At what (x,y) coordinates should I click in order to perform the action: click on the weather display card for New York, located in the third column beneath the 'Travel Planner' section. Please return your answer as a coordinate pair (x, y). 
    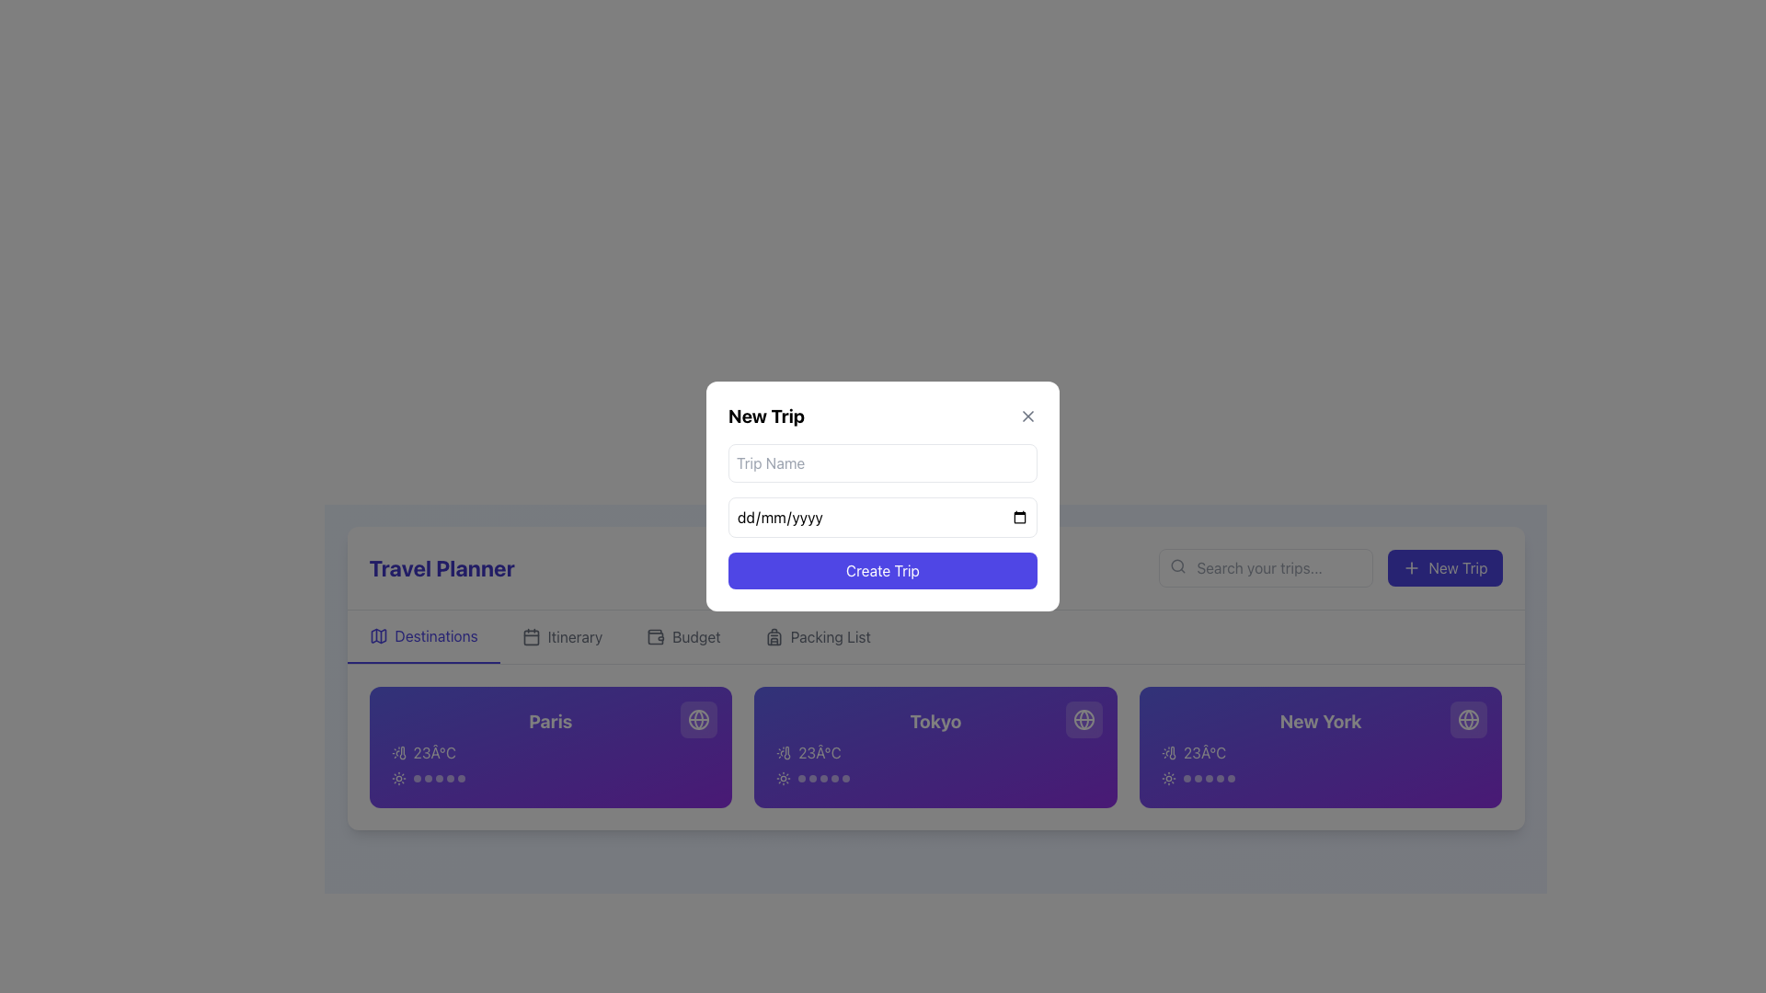
    Looking at the image, I should click on (1320, 748).